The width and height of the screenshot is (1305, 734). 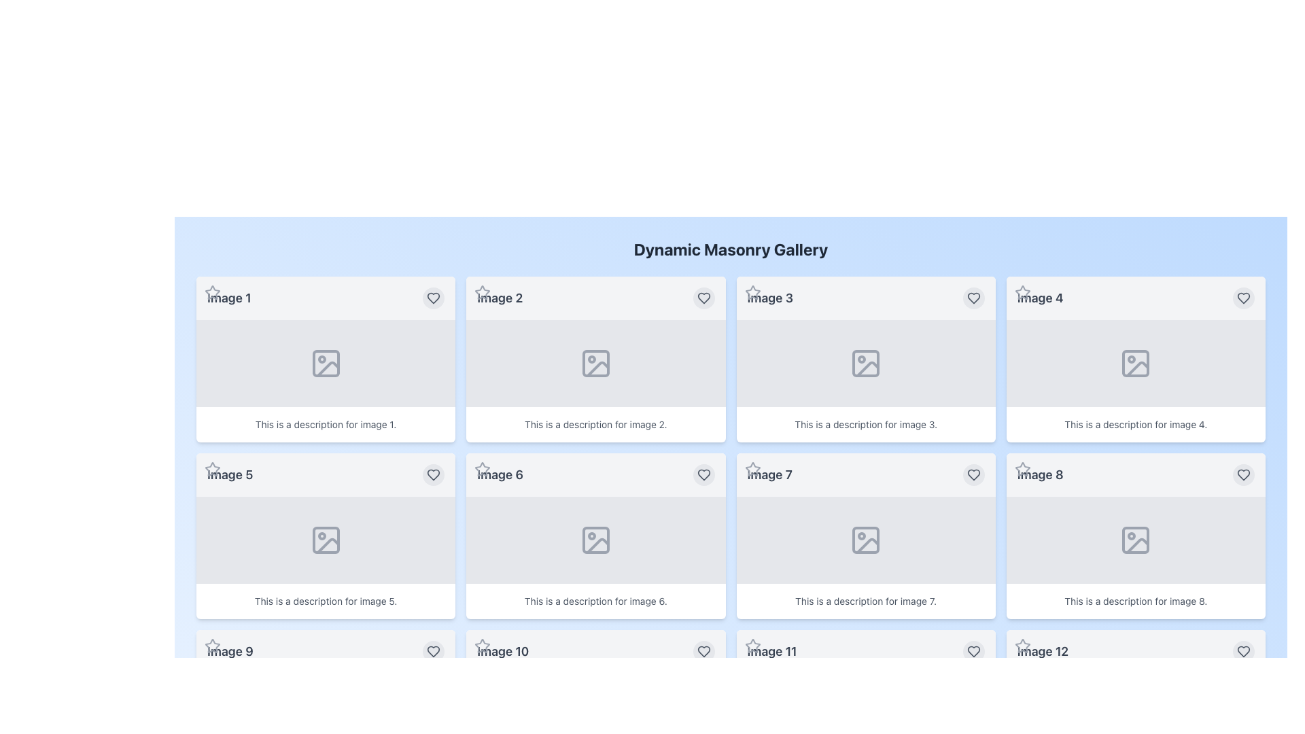 I want to click on large, rectangular light gray image placeholder with a mountain and sun icon located in the second row, first column of the grid layout, directly beneath the 'Image 5' title, so click(x=325, y=539).